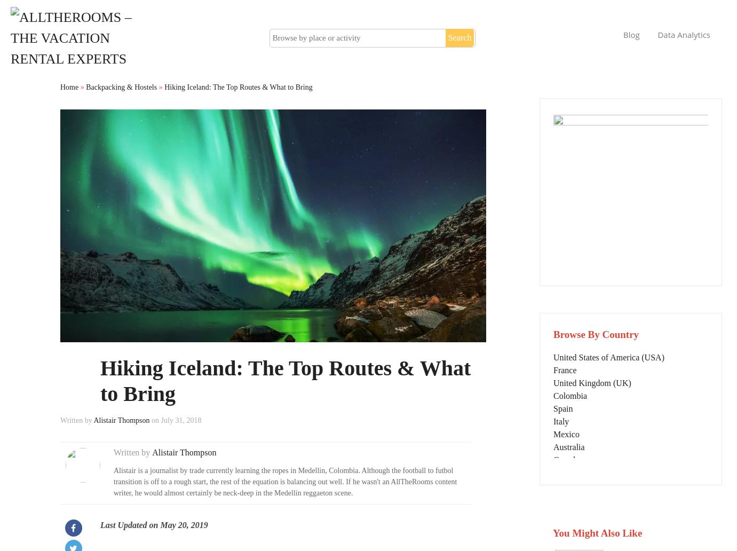 The width and height of the screenshot is (737, 551). Describe the element at coordinates (553, 459) in the screenshot. I see `'Canada'` at that location.